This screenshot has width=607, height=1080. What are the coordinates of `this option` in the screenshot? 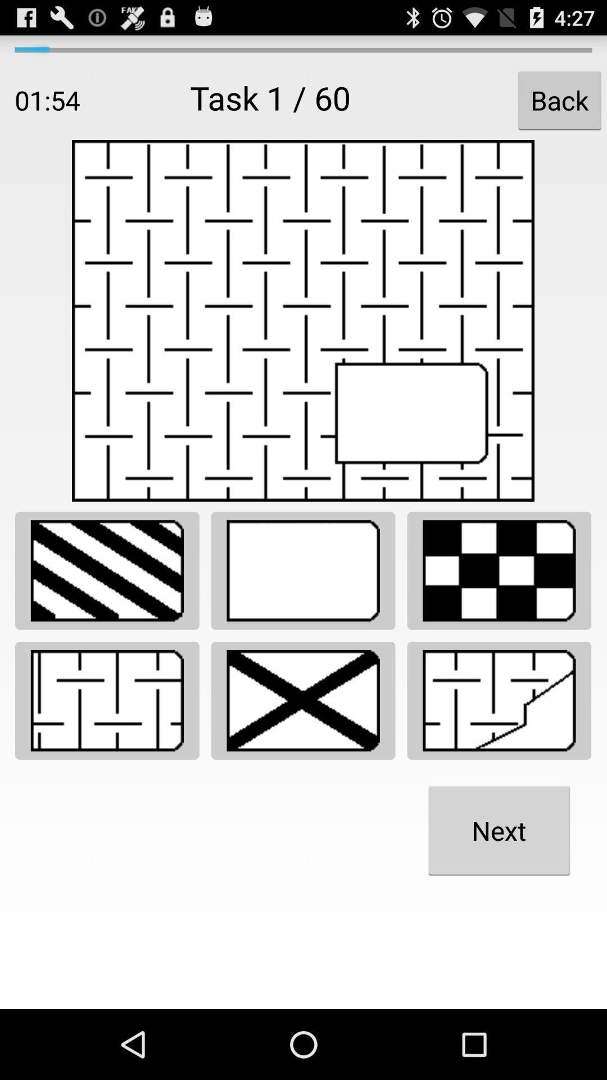 It's located at (499, 570).